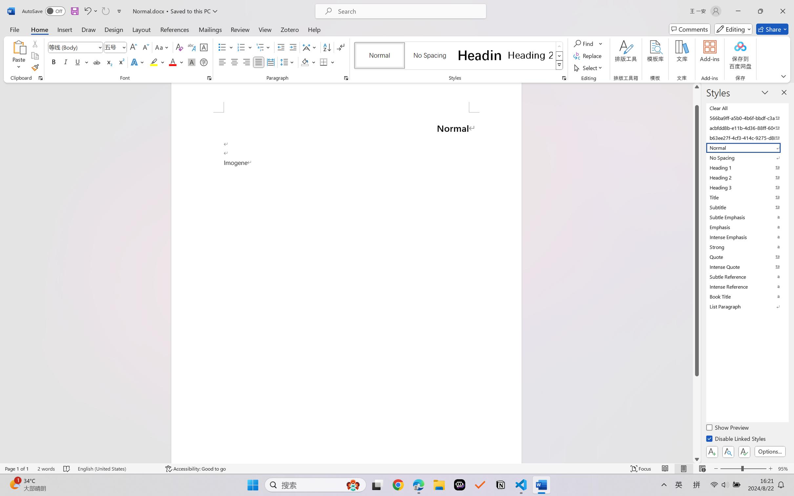  Describe the element at coordinates (179, 47) in the screenshot. I see `'Clear Formatting'` at that location.